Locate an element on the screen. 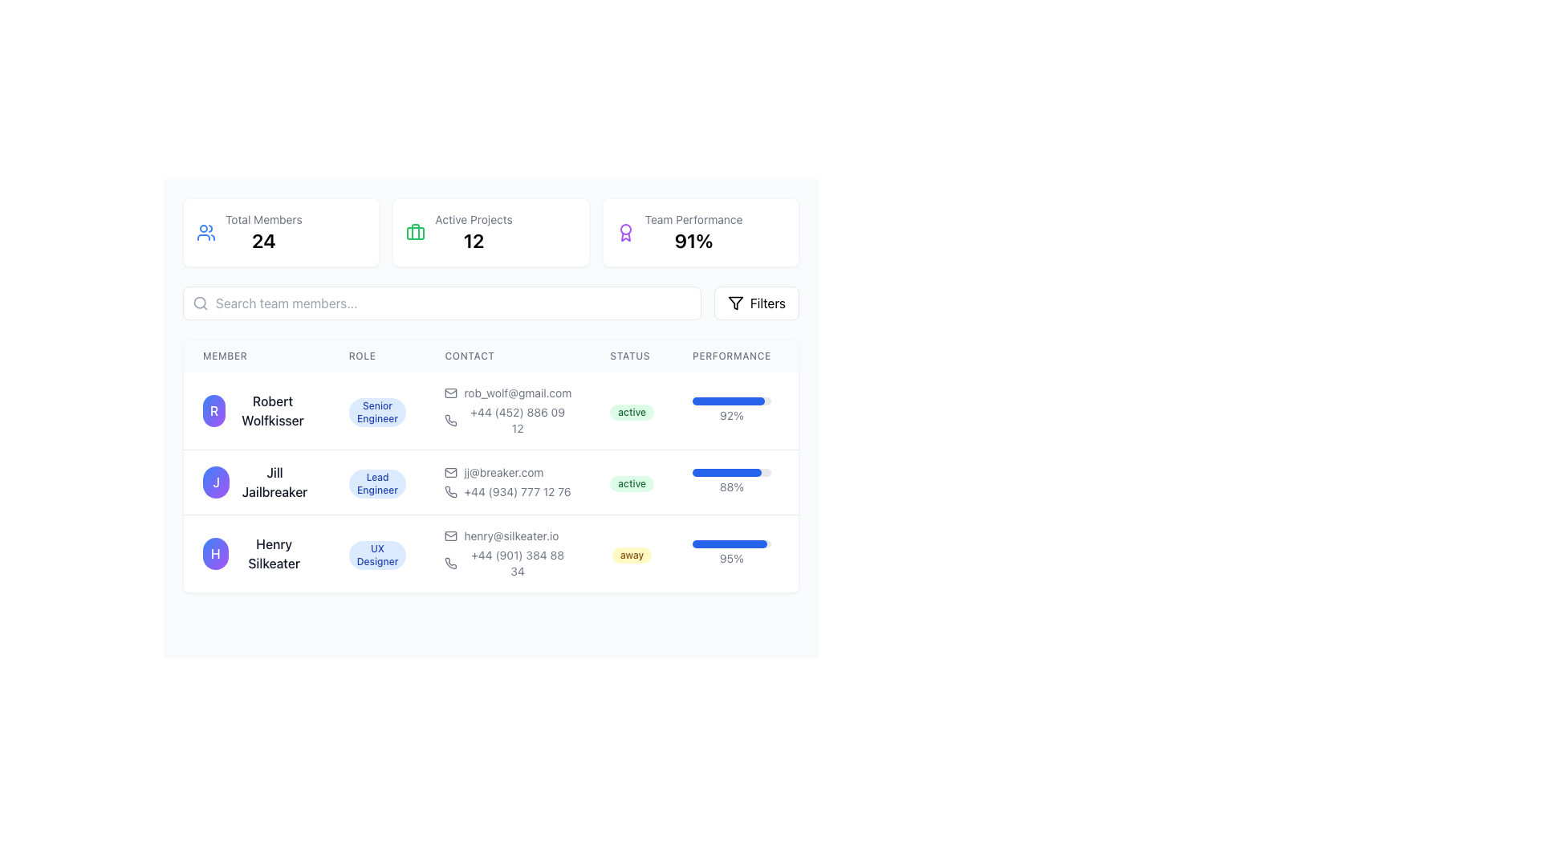  the minimalist phone icon located in the 'Contact' column next to Robert Wolfkisser's phone number '+44 (452) 886 09 12' as a visual cue is located at coordinates (450, 420).